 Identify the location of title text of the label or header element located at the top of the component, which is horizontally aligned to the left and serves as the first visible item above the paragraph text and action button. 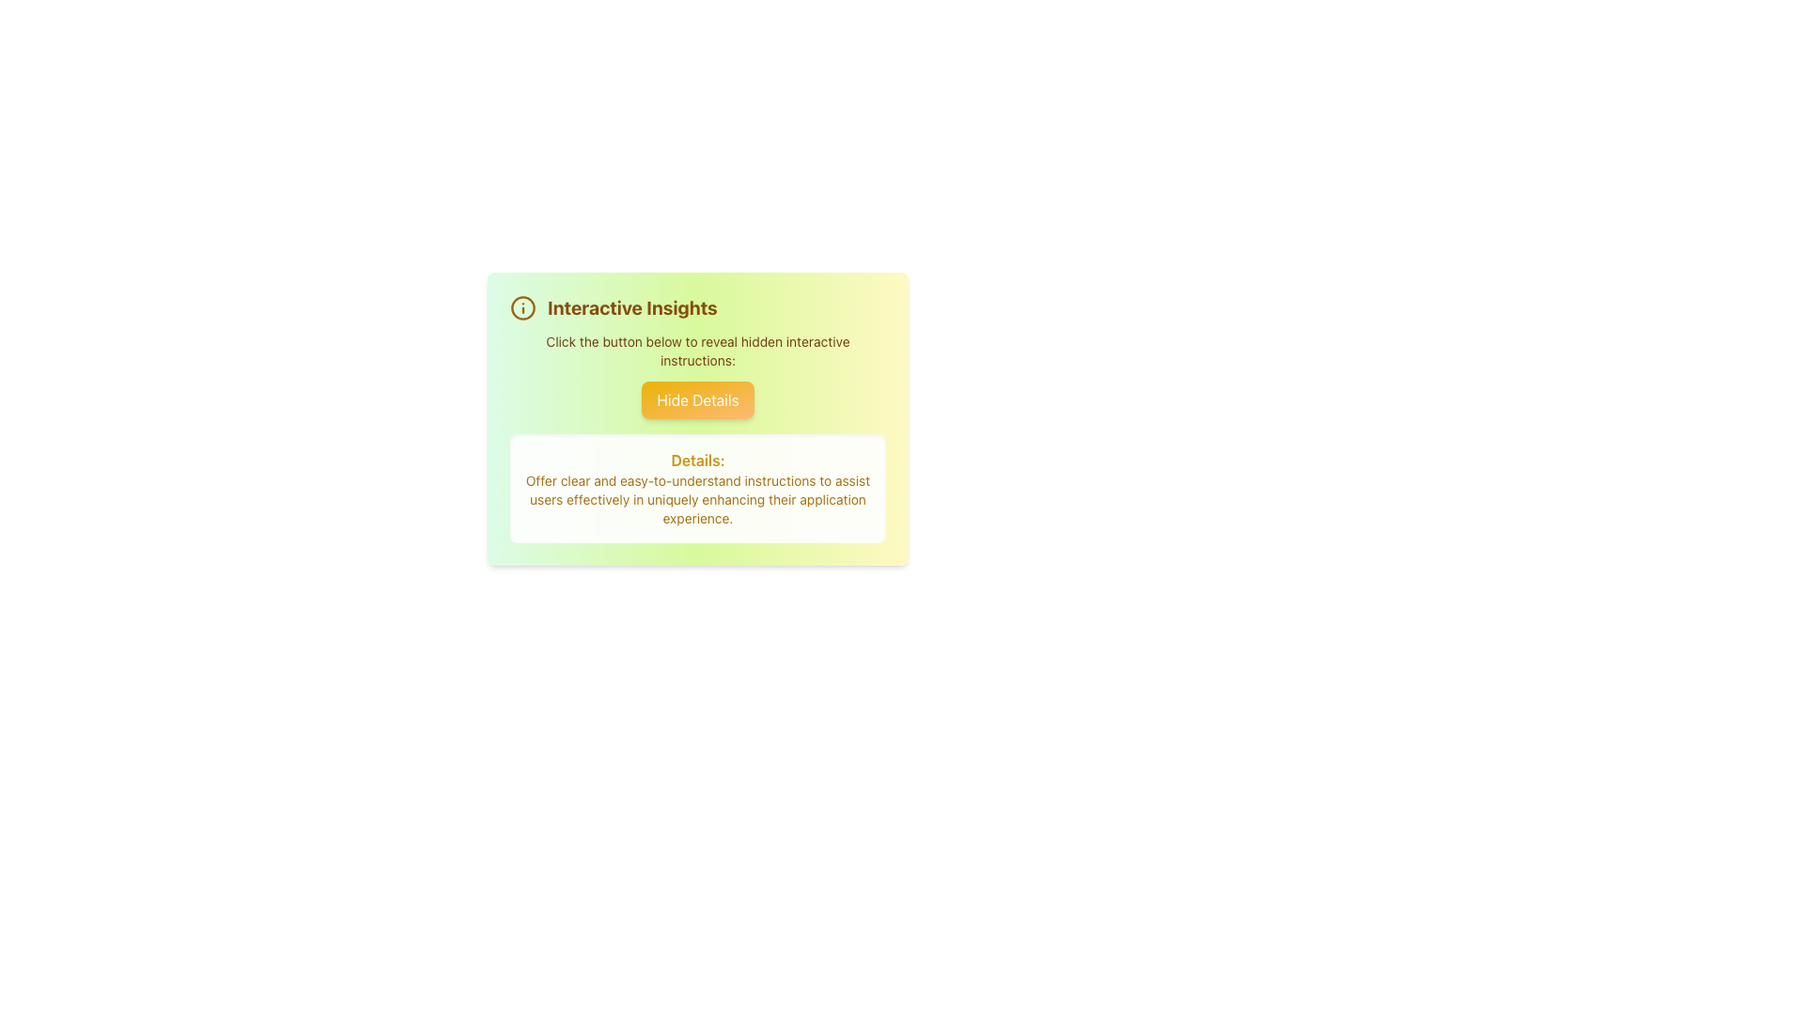
(697, 306).